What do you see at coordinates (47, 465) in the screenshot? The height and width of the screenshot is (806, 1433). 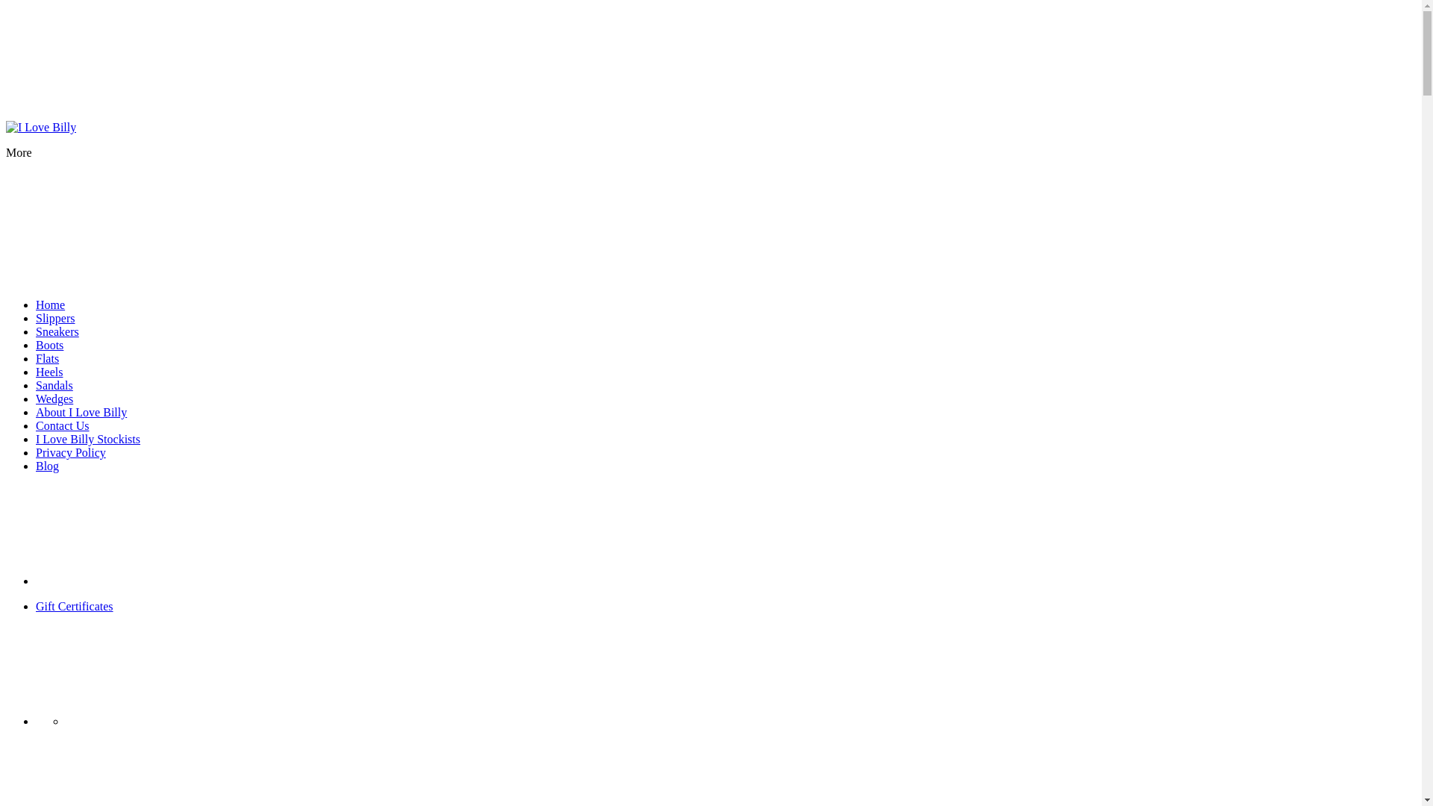 I see `'Blog'` at bounding box center [47, 465].